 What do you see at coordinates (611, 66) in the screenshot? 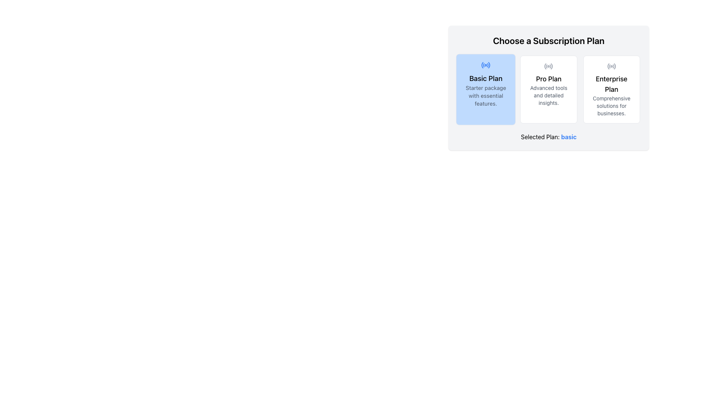
I see `the 'Enterprise Plan' icon located at the top of the 'Enterprise Plan' card in the 'Choose a Subscription Plan' section` at bounding box center [611, 66].